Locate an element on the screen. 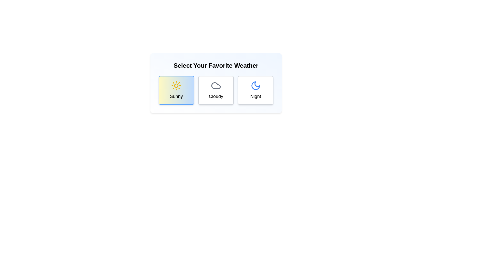 This screenshot has width=492, height=277. the crescent moon icon in the 'Select Your Favorite Weather' menu for additional actions is located at coordinates (255, 85).